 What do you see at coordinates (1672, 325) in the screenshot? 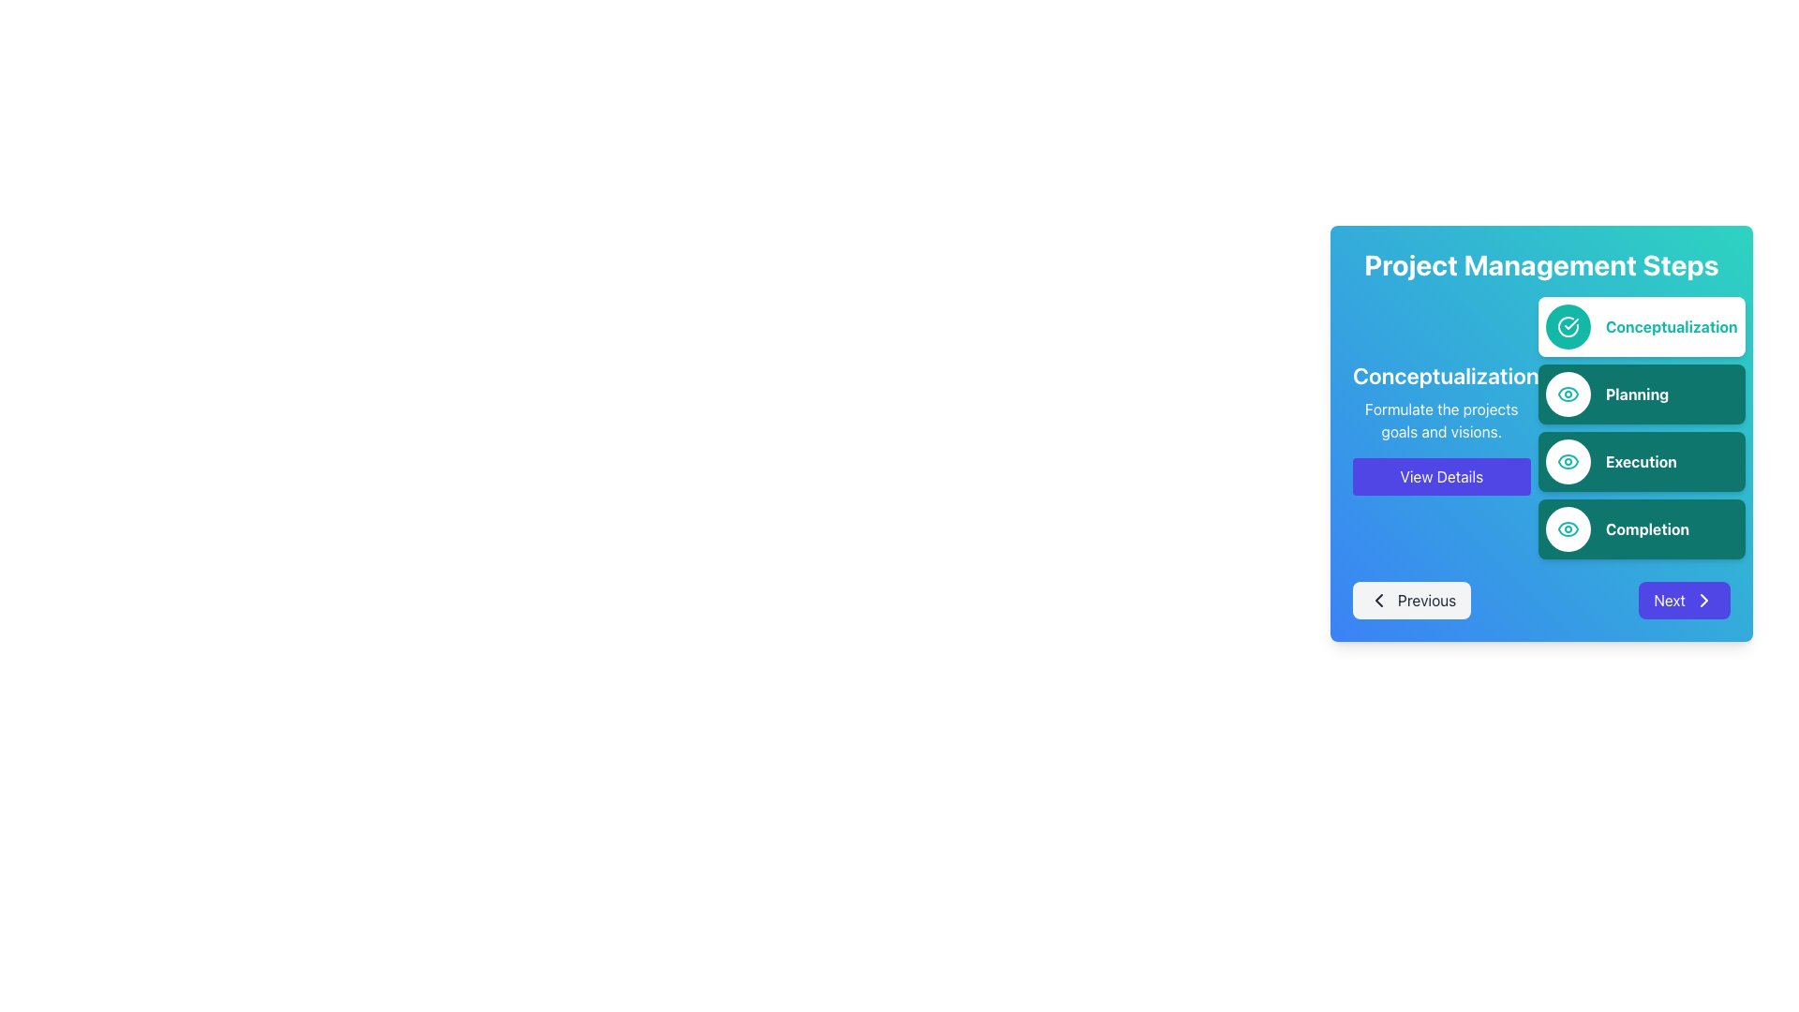
I see `the bold text label 'Conceptualization' which is styled in teal and positioned next to a circular check mark icon` at bounding box center [1672, 325].